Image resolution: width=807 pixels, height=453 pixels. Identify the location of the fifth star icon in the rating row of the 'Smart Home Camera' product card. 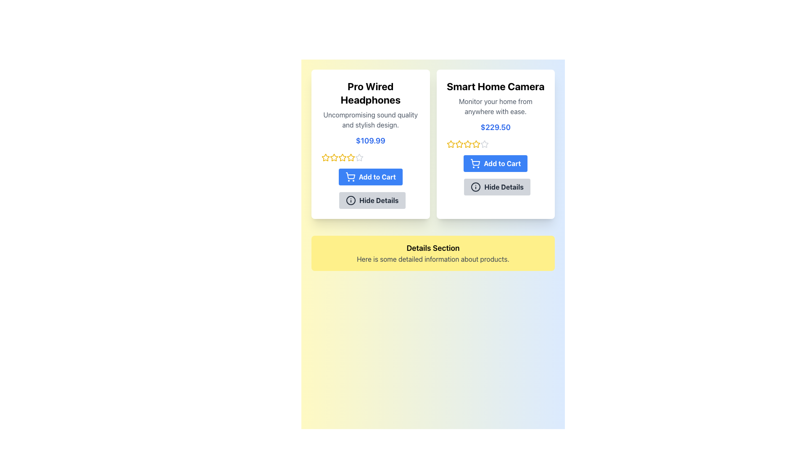
(476, 143).